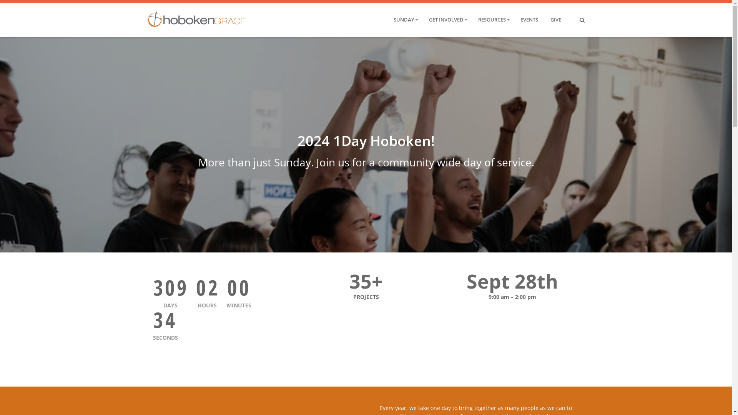 Image resolution: width=738 pixels, height=415 pixels. Describe the element at coordinates (492, 20) in the screenshot. I see `'RESOURCES'` at that location.